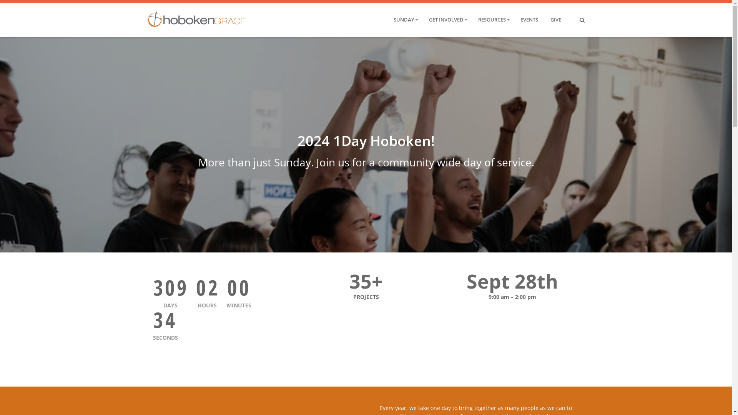 Image resolution: width=738 pixels, height=415 pixels. Describe the element at coordinates (492, 20) in the screenshot. I see `'RESOURCES'` at that location.